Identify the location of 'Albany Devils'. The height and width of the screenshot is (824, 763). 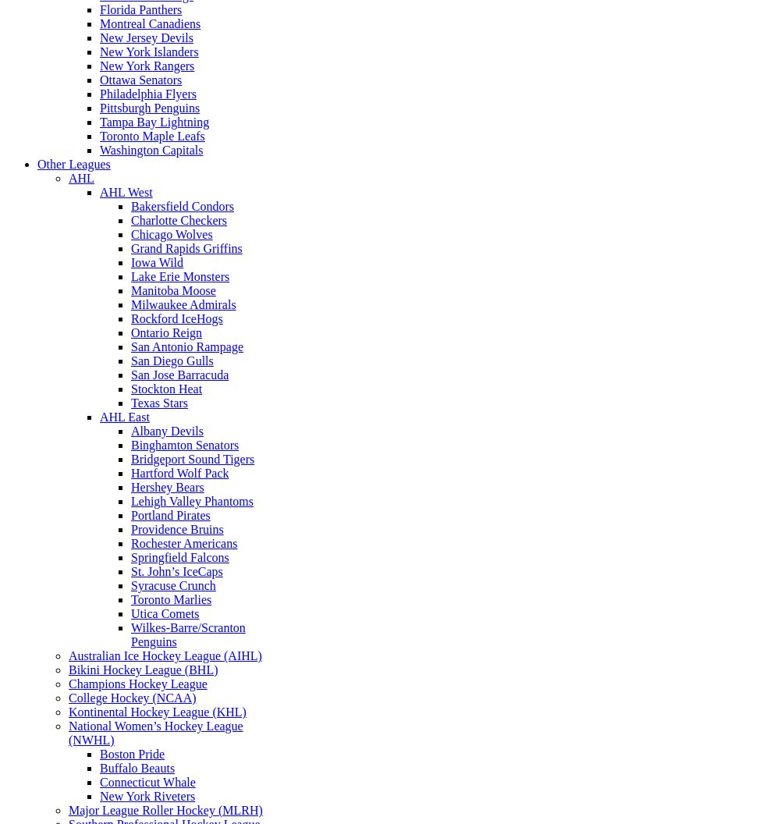
(131, 431).